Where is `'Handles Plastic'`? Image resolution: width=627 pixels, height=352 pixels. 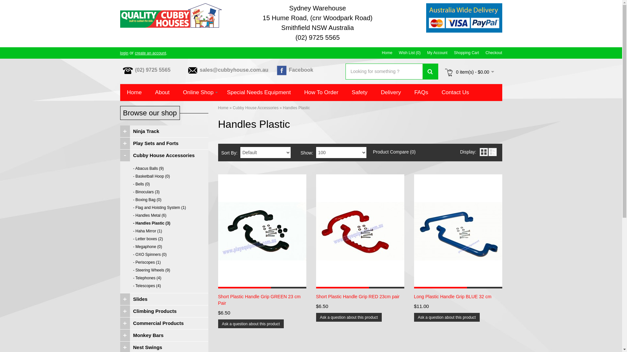 'Handles Plastic' is located at coordinates (296, 108).